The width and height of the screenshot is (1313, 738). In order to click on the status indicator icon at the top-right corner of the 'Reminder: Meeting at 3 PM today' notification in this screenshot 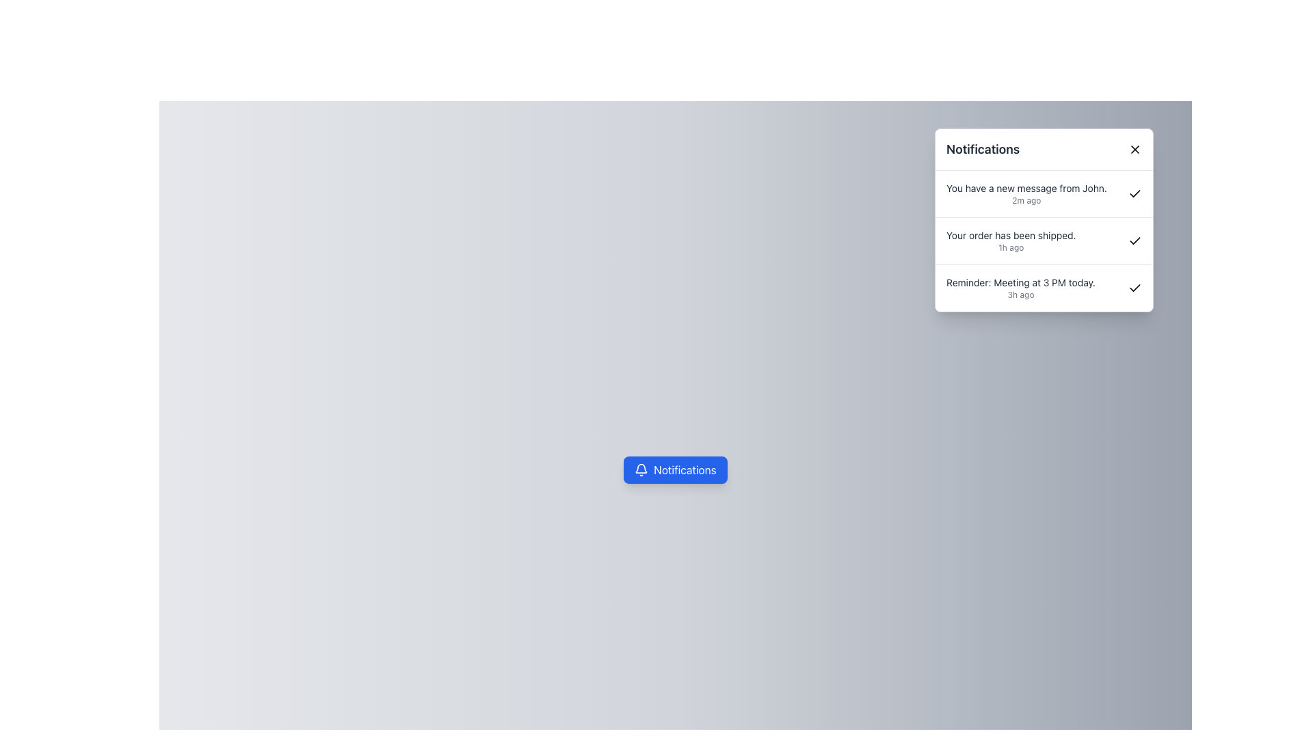, I will do `click(1135, 287)`.